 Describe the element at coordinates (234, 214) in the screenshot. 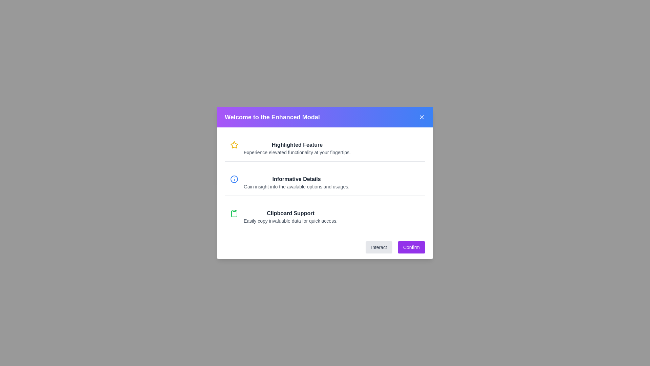

I see `the clipboard icon with a green outline, located in the third row of items next to the label 'Clipboard Support'` at that location.